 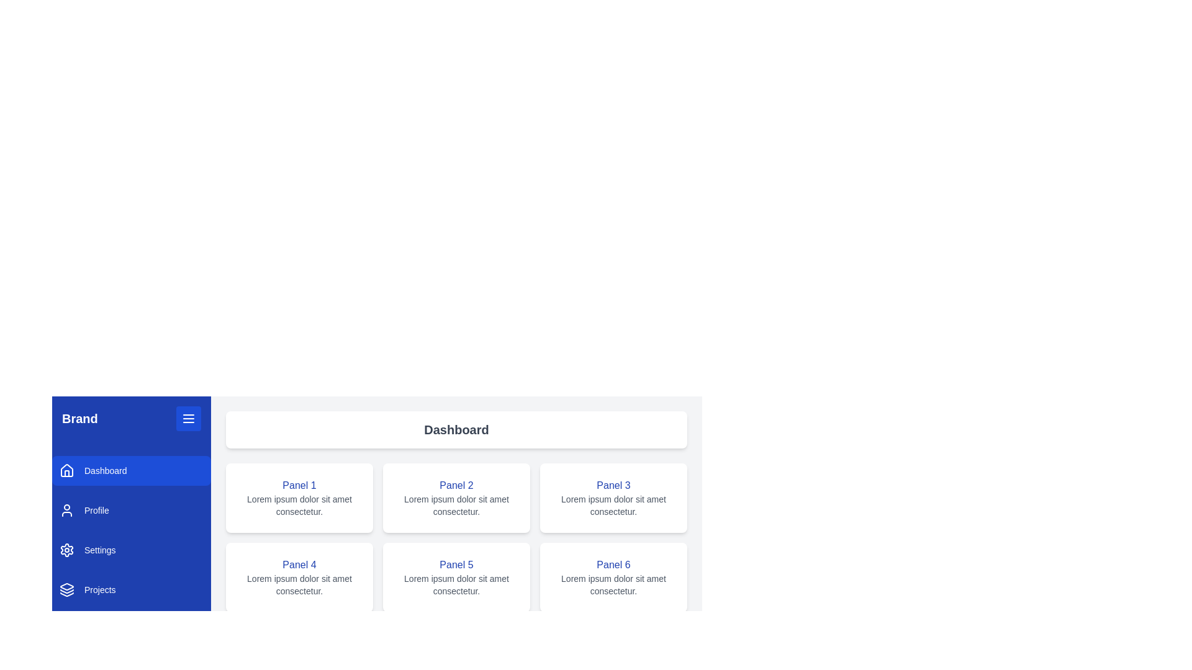 I want to click on the Text Label located in the lower-left card of the main grid, which indicates the content or purpose of the card, so click(x=299, y=565).